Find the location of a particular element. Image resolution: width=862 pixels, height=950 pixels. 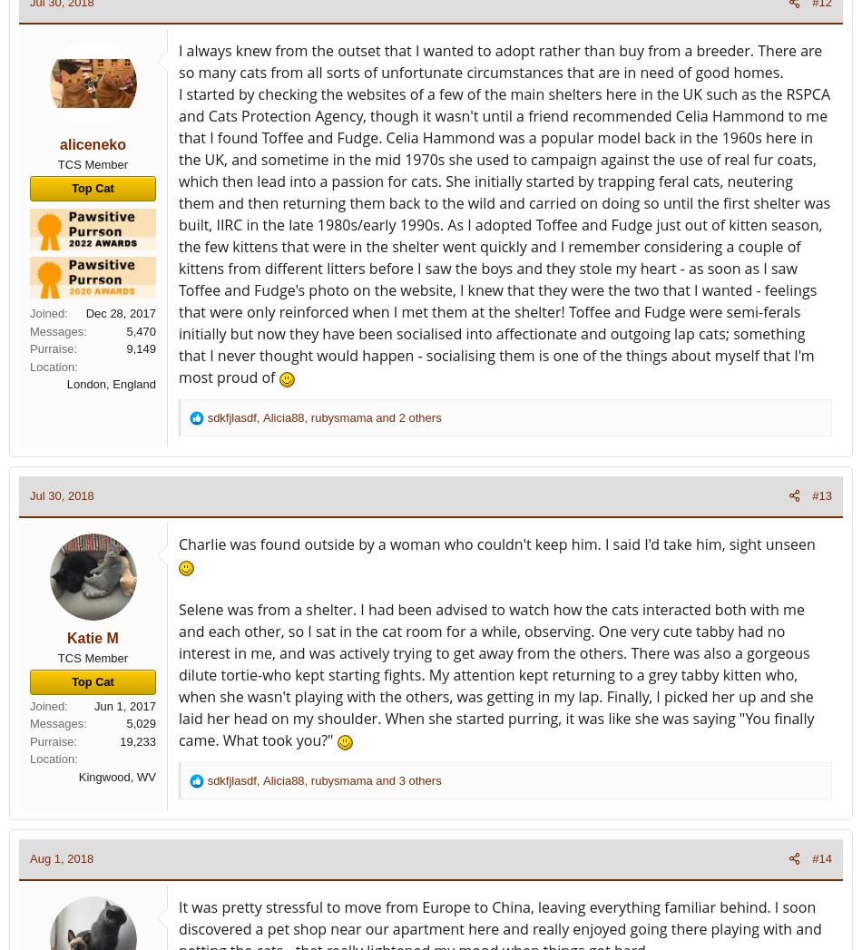

'9,149' is located at coordinates (141, 348).